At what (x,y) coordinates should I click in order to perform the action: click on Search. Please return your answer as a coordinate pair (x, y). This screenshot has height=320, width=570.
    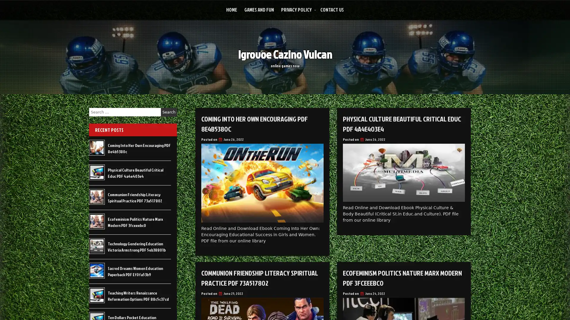
    Looking at the image, I should click on (169, 112).